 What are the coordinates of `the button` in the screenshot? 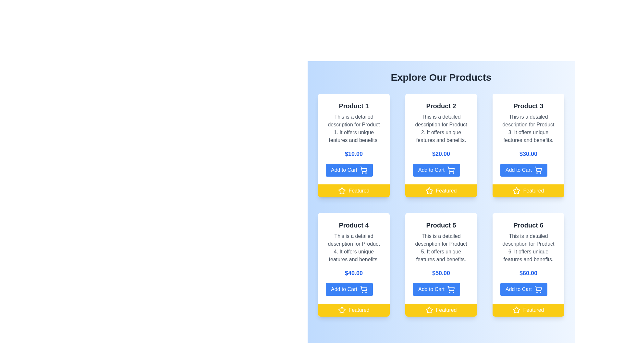 It's located at (349, 169).